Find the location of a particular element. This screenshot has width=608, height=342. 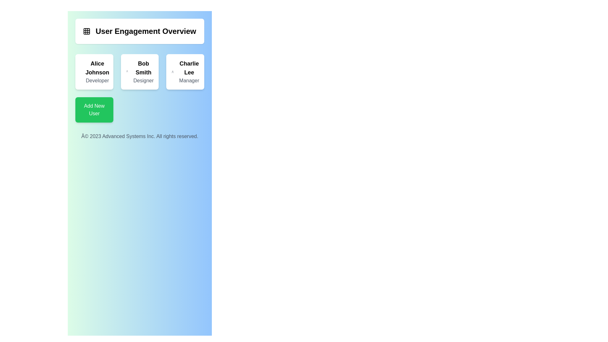

the 'Add New User' button with a green background and white text located directly underneath the first card in the grid layout is located at coordinates (94, 110).